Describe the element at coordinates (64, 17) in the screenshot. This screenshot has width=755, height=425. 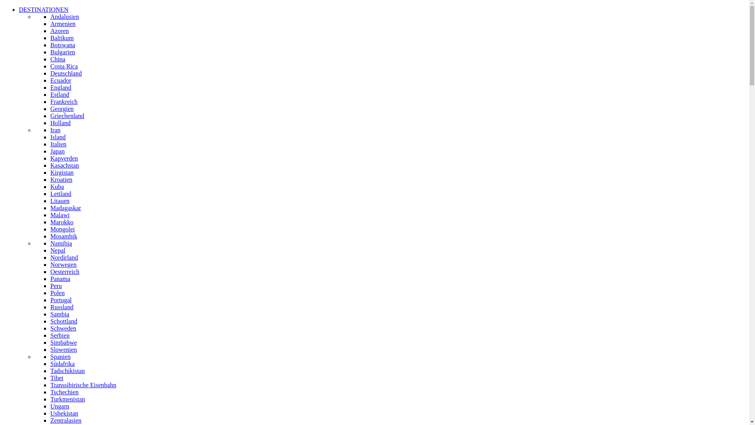
I see `'Andalusien'` at that location.